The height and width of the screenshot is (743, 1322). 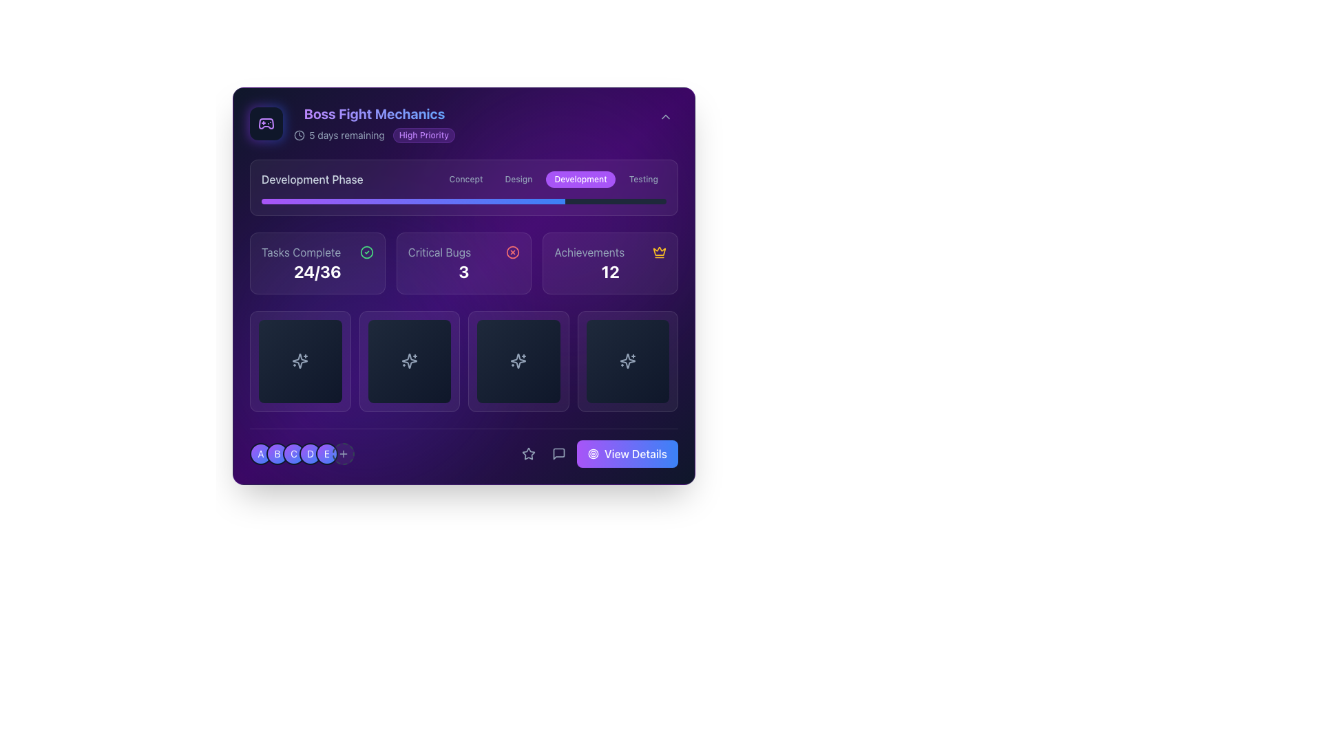 I want to click on the 'Design' phase button, which is the second button in a horizontal series of four buttons within the 'Development Phase' section, located between the 'Concept' and 'Development' buttons, so click(x=518, y=179).